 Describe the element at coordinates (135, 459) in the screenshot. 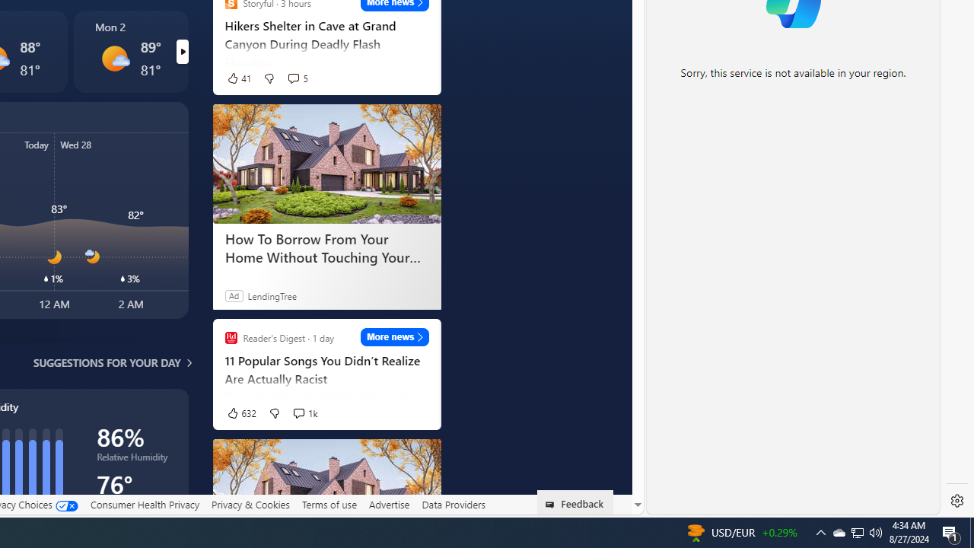

I see `'Relative Humidity'` at that location.